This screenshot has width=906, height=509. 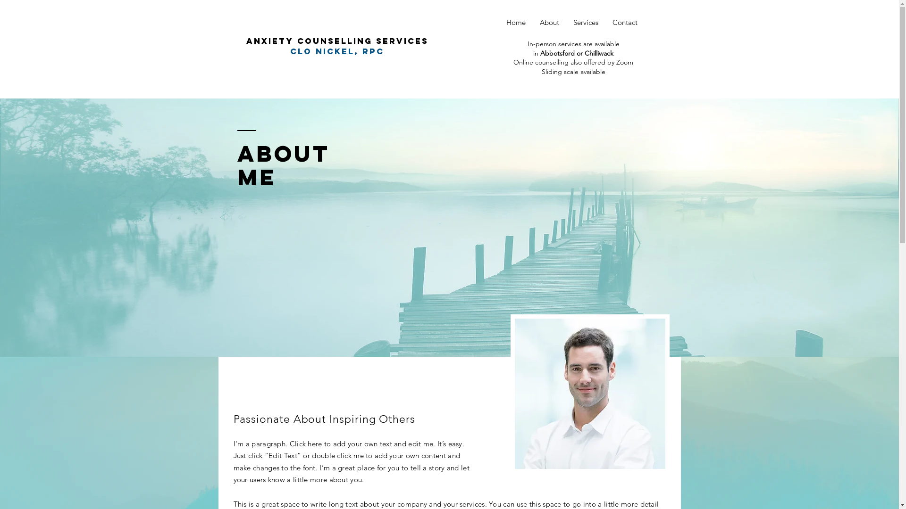 I want to click on 'Contact', so click(x=604, y=22).